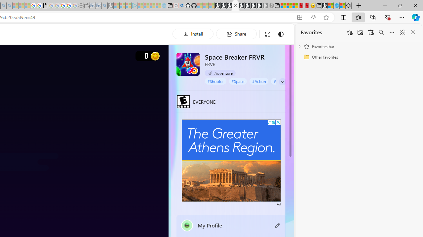 The width and height of the screenshot is (423, 237). I want to click on 'Restore deleted favorites', so click(371, 32).